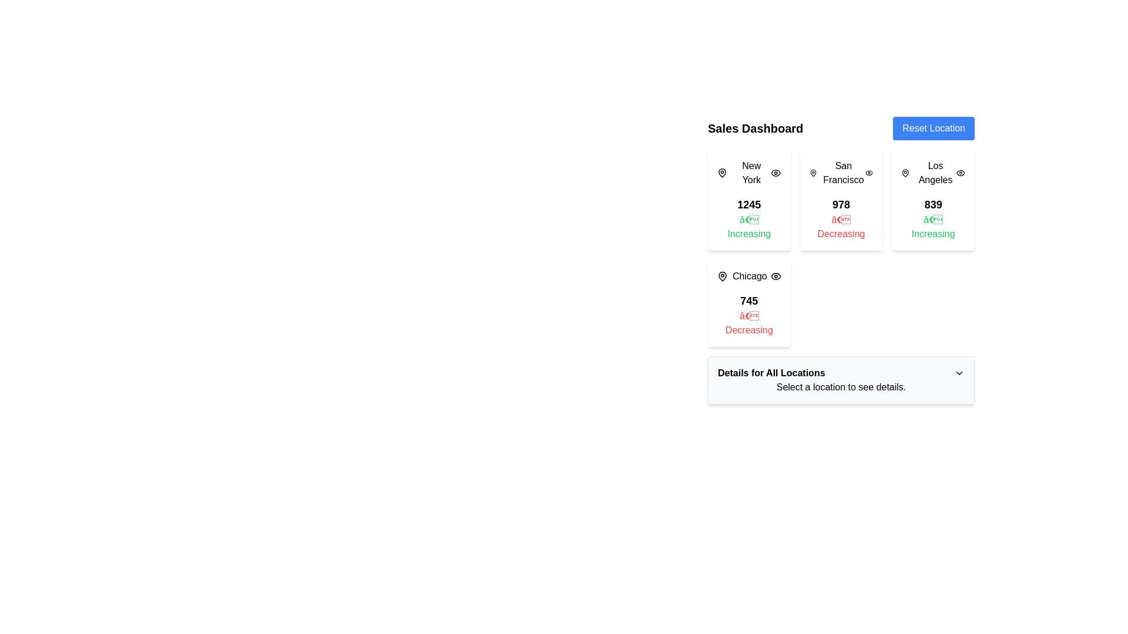 This screenshot has height=634, width=1128. I want to click on the visual indicator icon located at the top-right corner of the 'San Francisco' card, aligned with the title 'San Francisco', so click(869, 173).